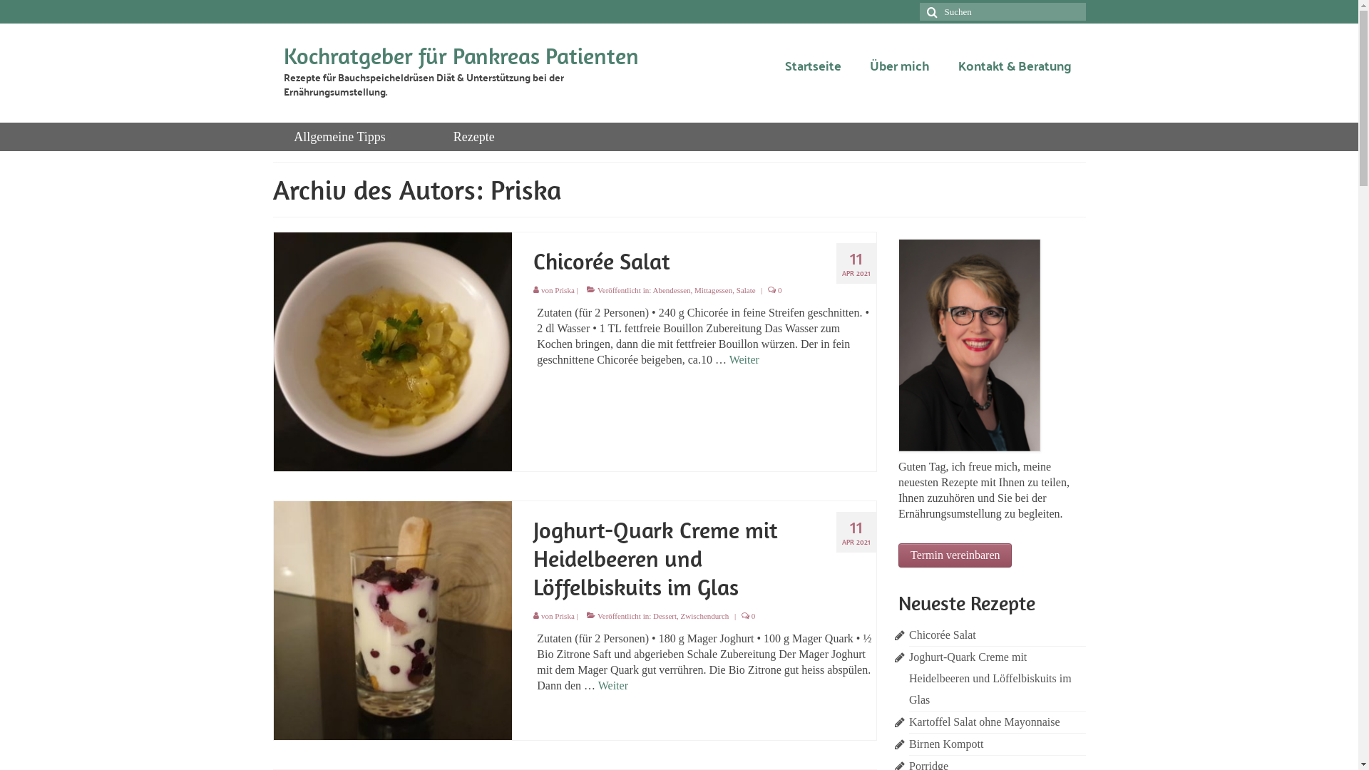 Image resolution: width=1369 pixels, height=770 pixels. I want to click on 'Salate', so click(745, 289).